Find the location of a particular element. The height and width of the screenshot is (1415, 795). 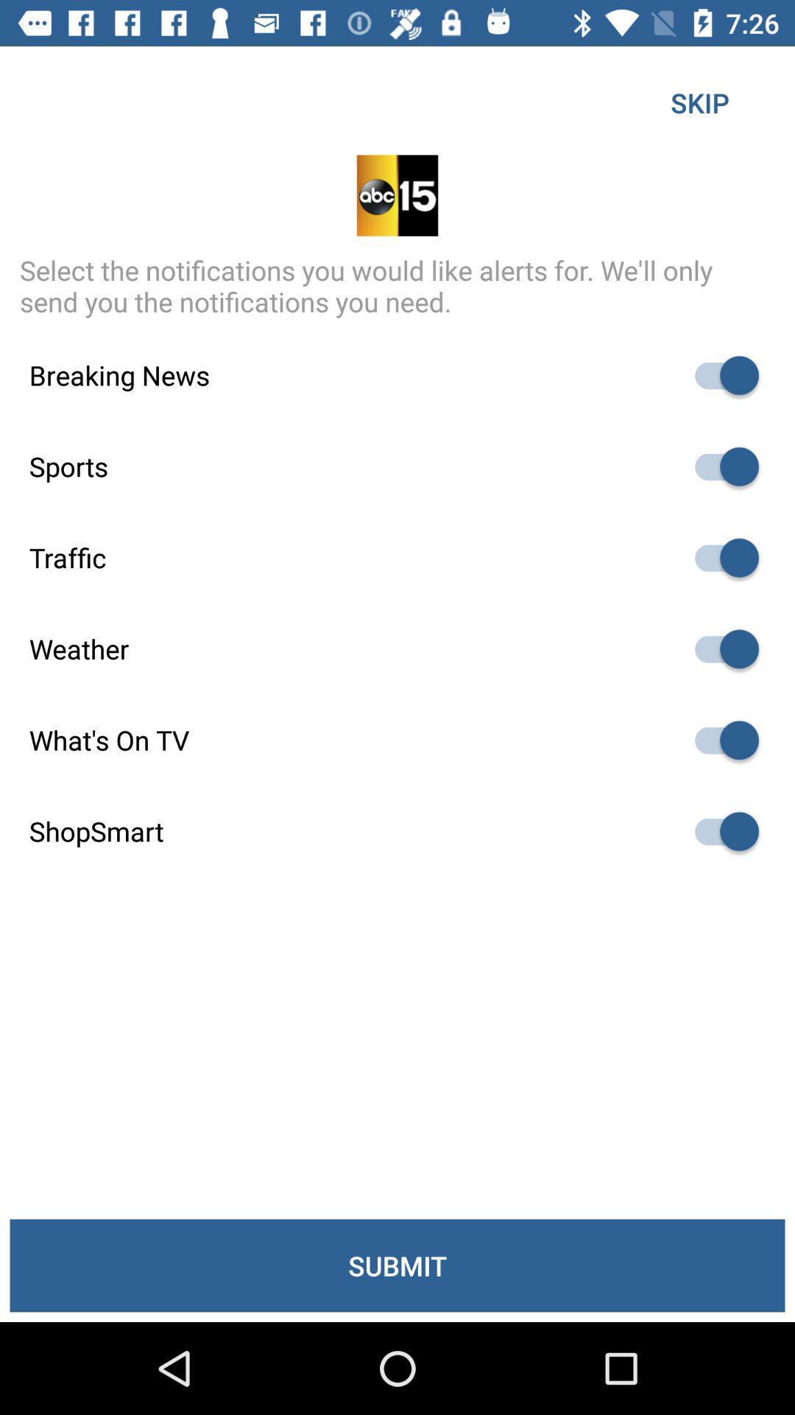

deselect item is located at coordinates (719, 375).